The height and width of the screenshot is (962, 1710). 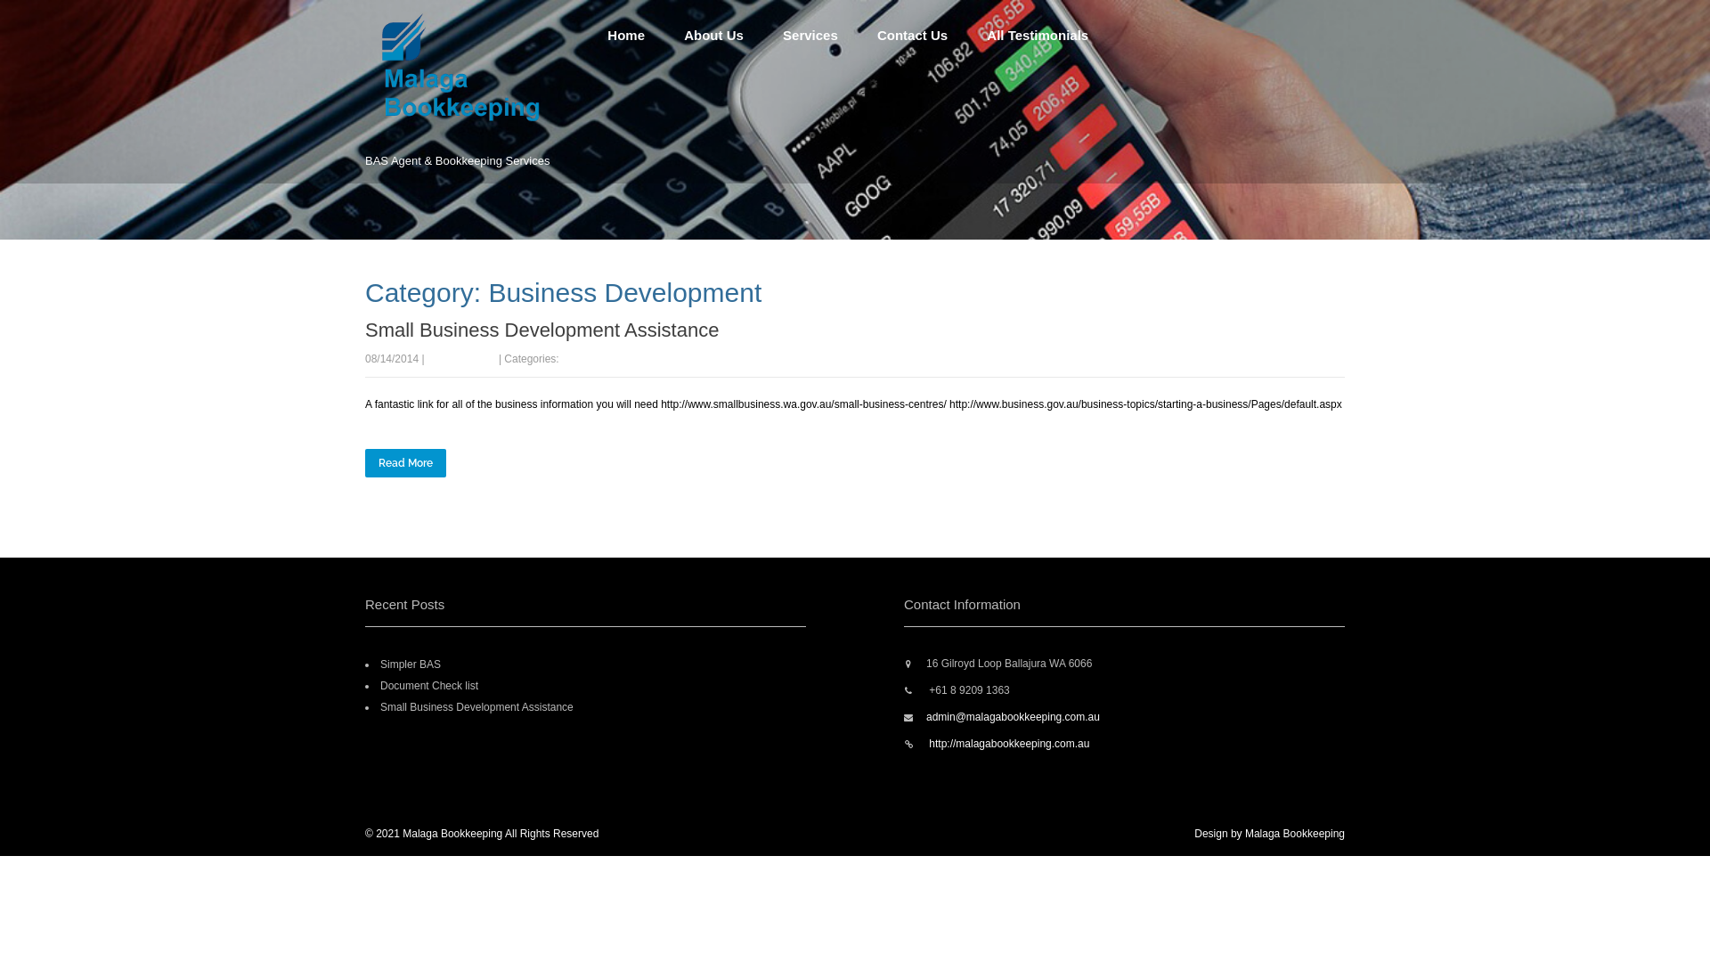 I want to click on 'BAS Agent & Bookkeeping Services', so click(x=477, y=126).